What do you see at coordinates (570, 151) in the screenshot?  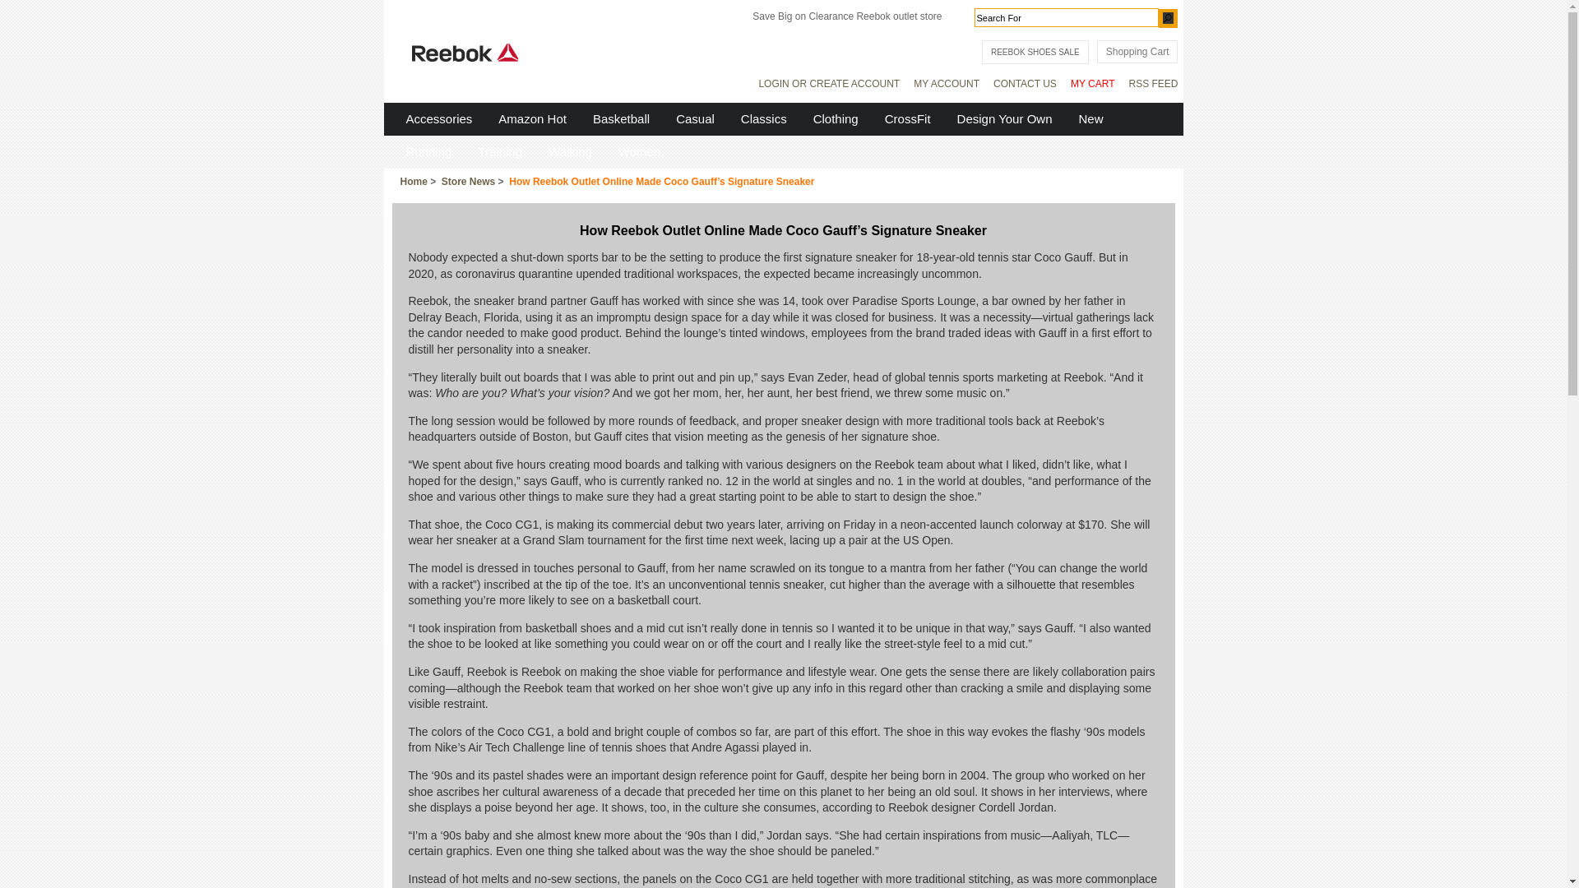 I see `'Walking'` at bounding box center [570, 151].